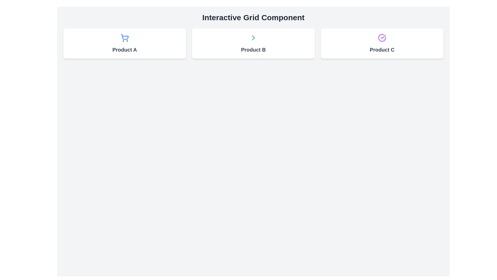  Describe the element at coordinates (253, 38) in the screenshot. I see `the visual indication of the rightward chevron arrow icon within the card labeled 'Product B'` at that location.